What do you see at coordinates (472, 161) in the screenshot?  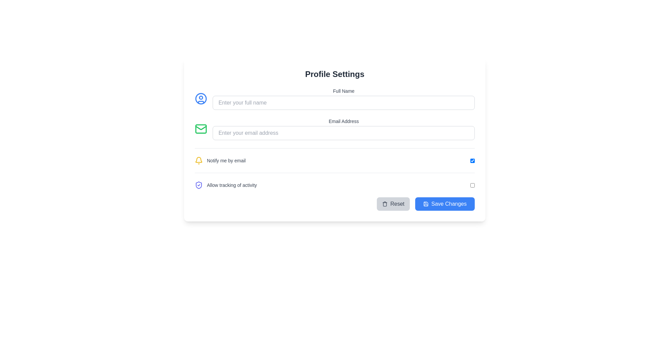 I see `the checkbox located to the far right of the 'Notify me by email' label` at bounding box center [472, 161].